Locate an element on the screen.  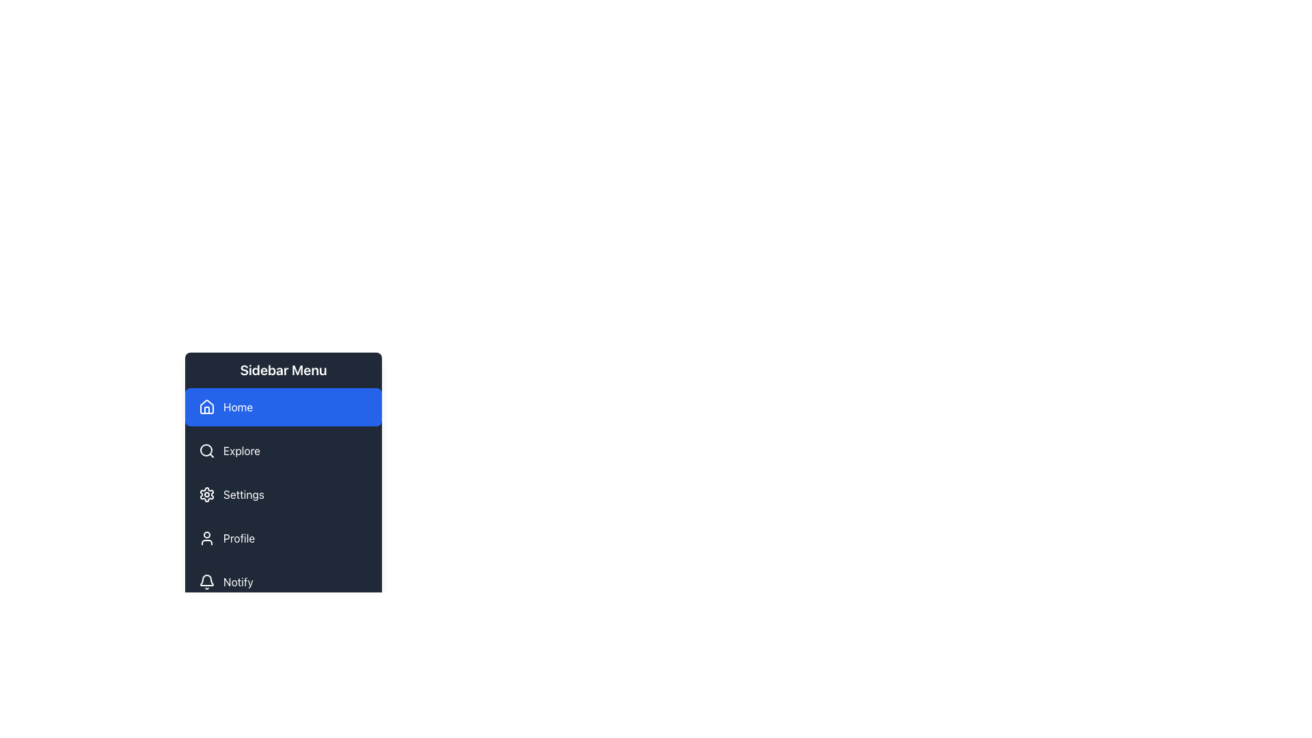
the decorative circular part of the search icon, which represents the lens of the magnifying glass located in the sidebar menu is located at coordinates (206, 450).